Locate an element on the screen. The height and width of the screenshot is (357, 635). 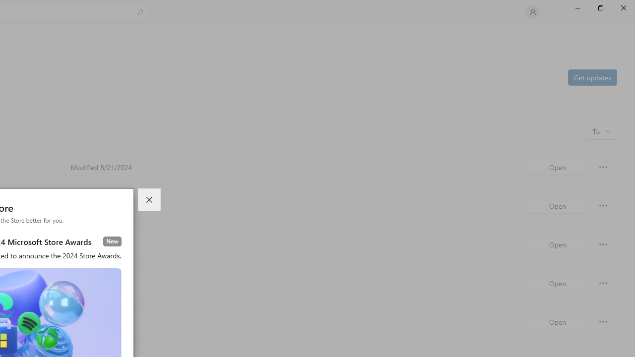
'User profile' is located at coordinates (532, 12).